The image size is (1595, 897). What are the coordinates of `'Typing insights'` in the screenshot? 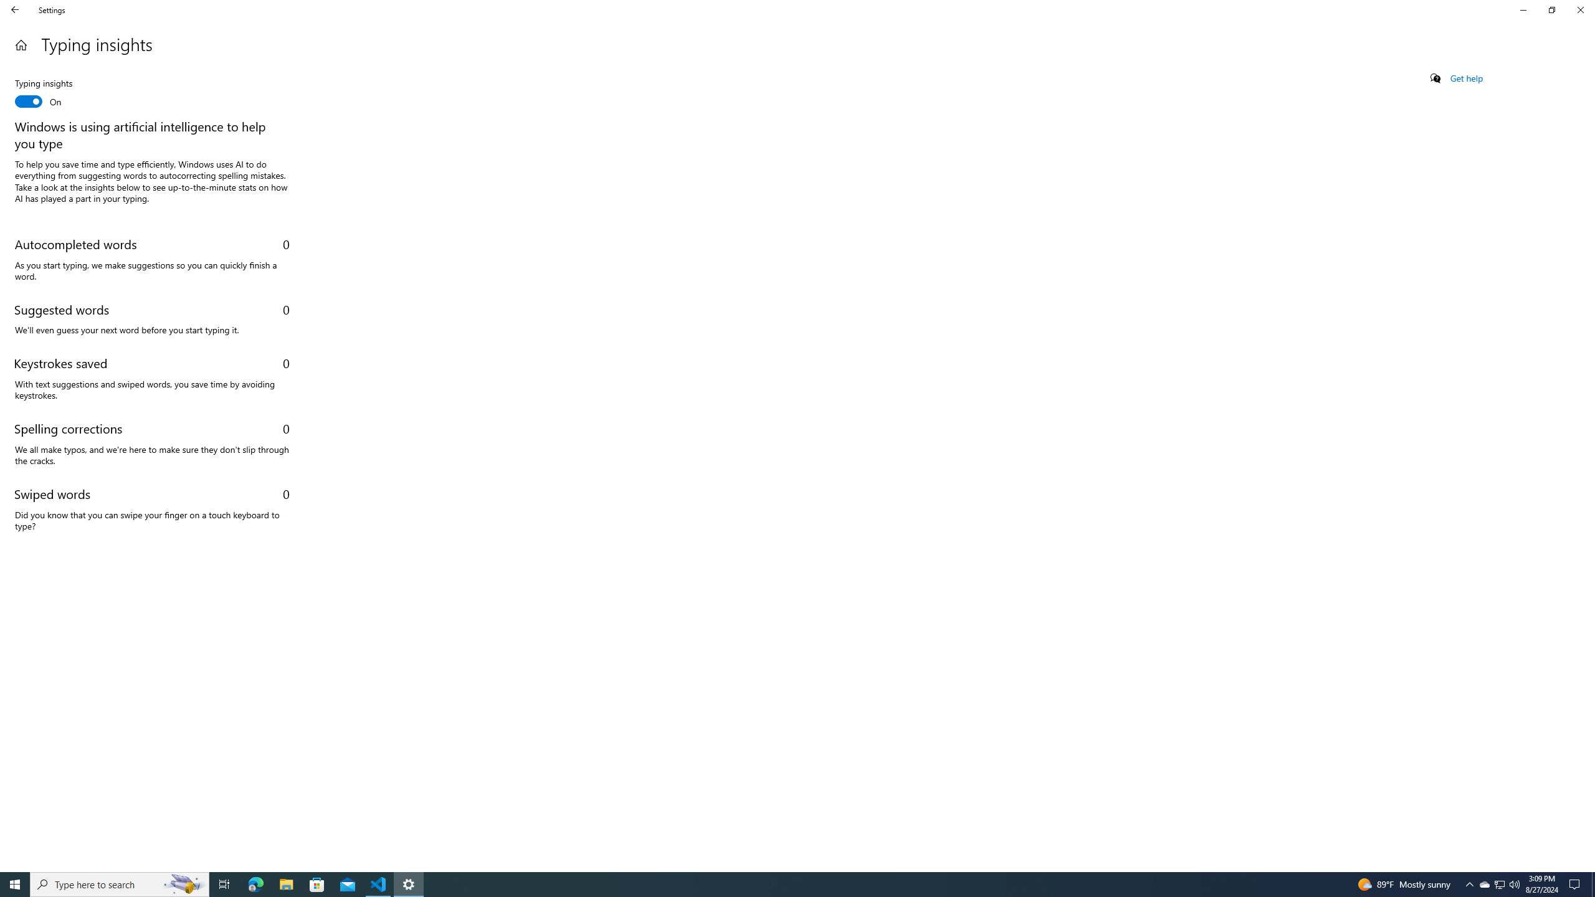 It's located at (60, 93).